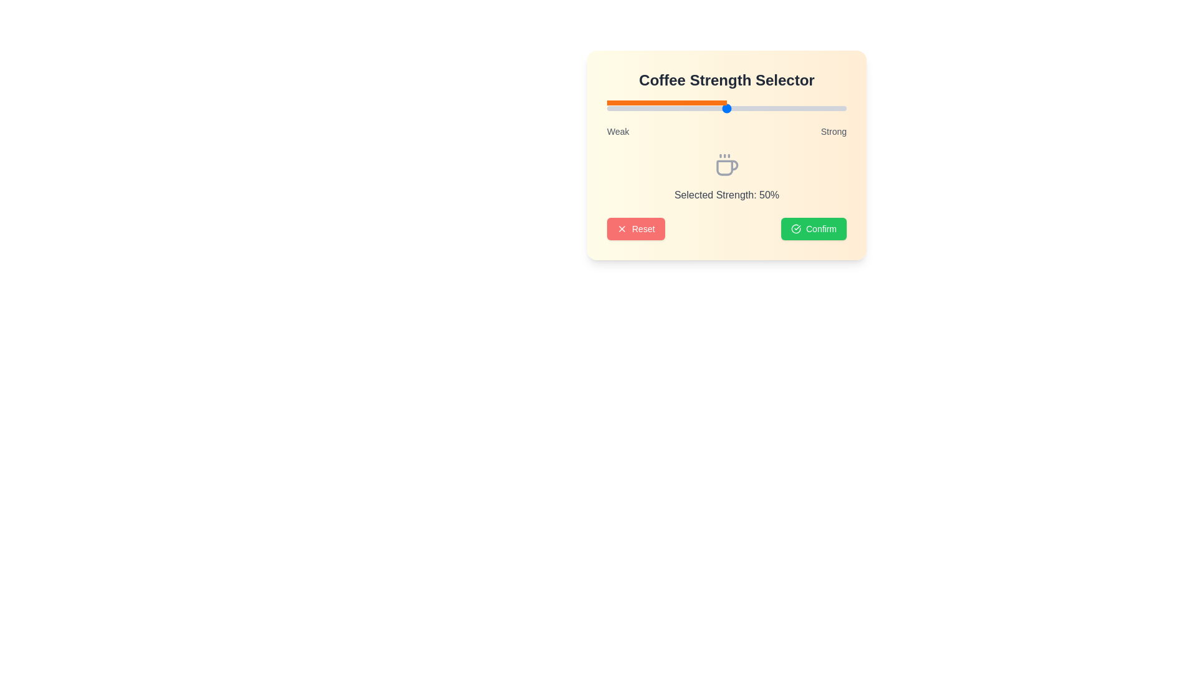  Describe the element at coordinates (727, 228) in the screenshot. I see `the 'Reset' button located at the bottom of the 'Coffee Strength Selector' interface to reset the selection` at that location.